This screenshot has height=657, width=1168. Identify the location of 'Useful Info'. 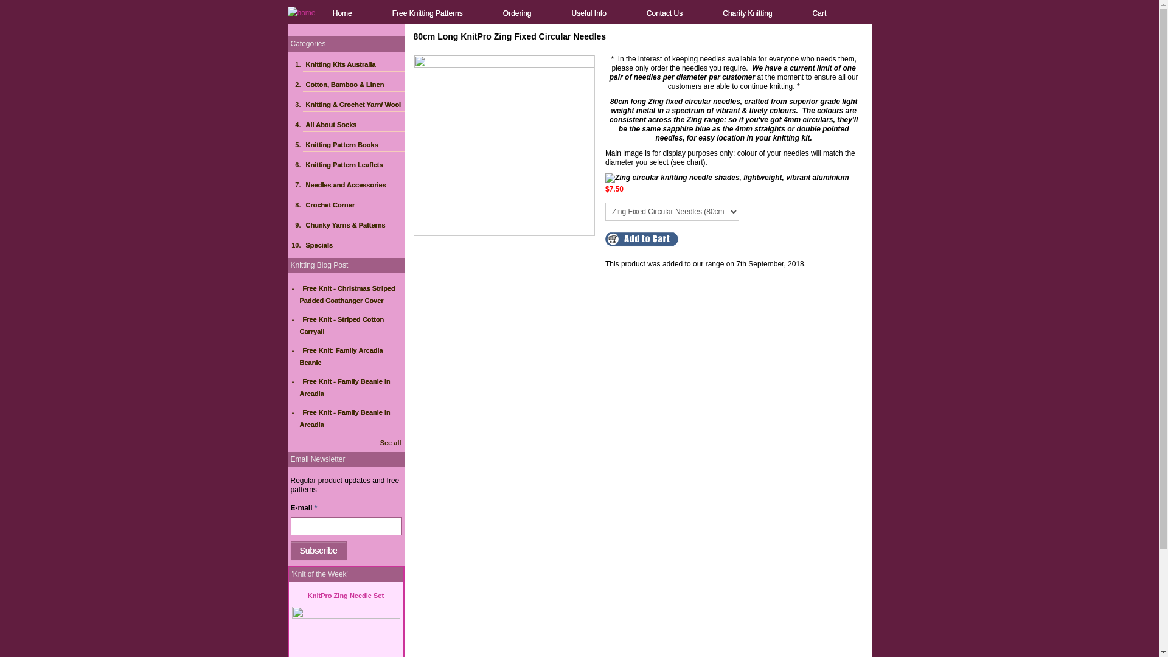
(588, 13).